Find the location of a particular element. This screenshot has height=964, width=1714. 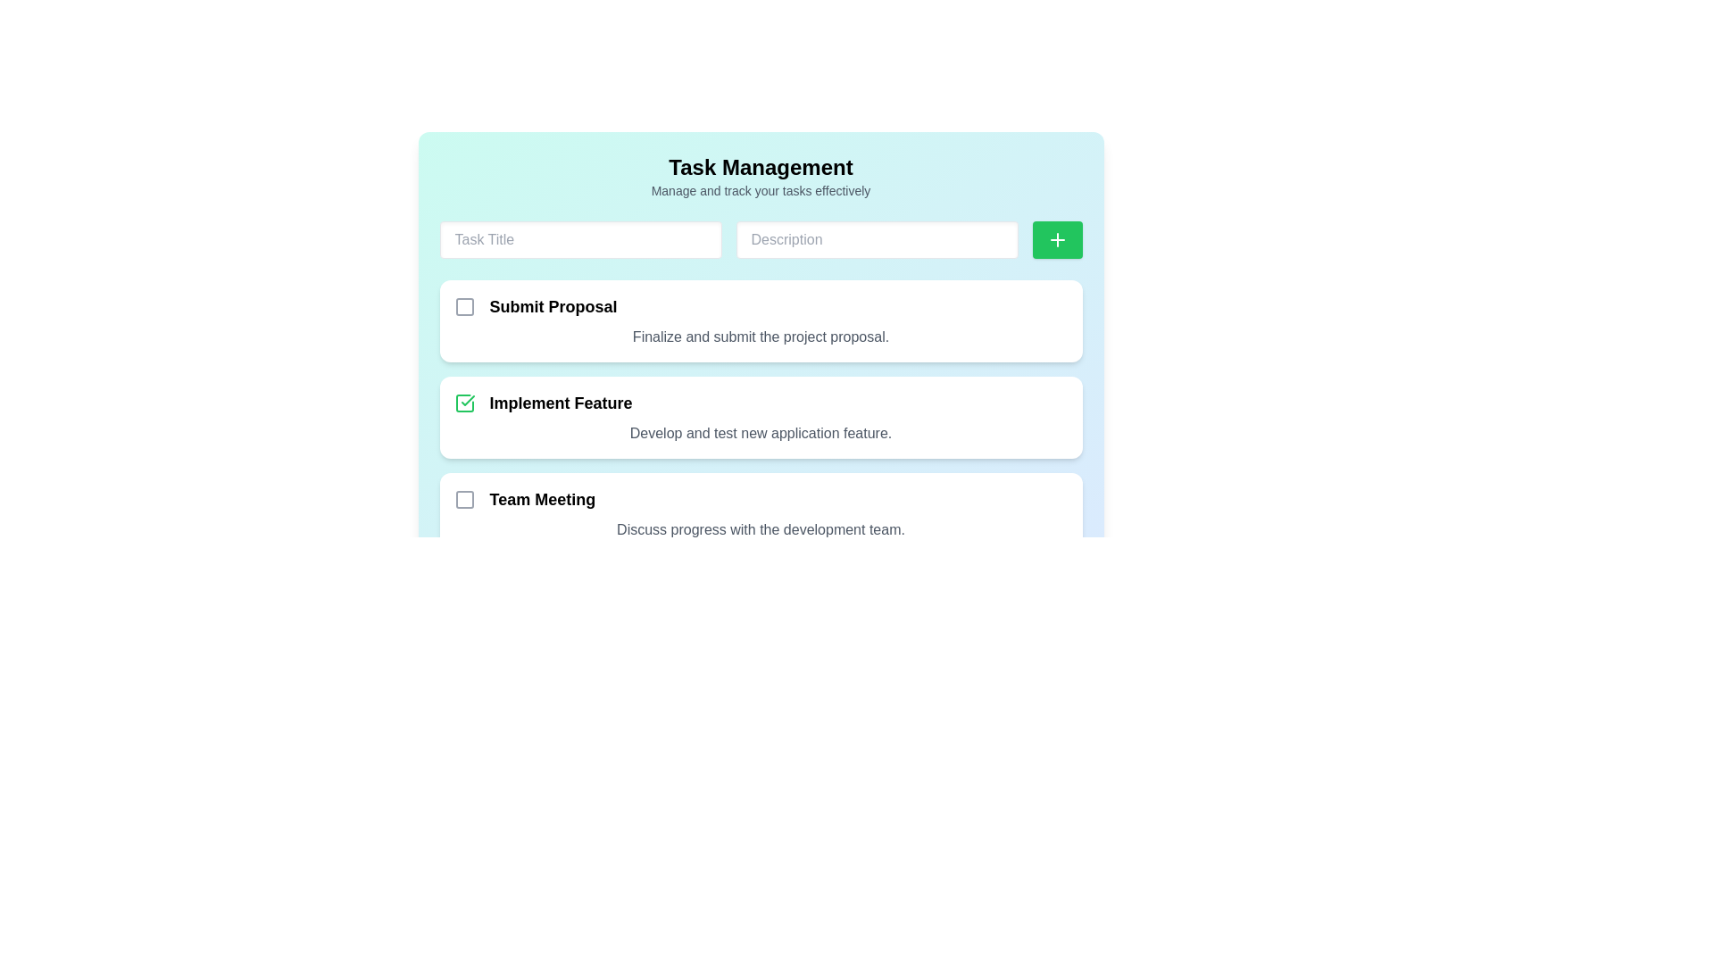

the checkbox located to the left of the text 'Submit Proposal' is located at coordinates (464, 305).